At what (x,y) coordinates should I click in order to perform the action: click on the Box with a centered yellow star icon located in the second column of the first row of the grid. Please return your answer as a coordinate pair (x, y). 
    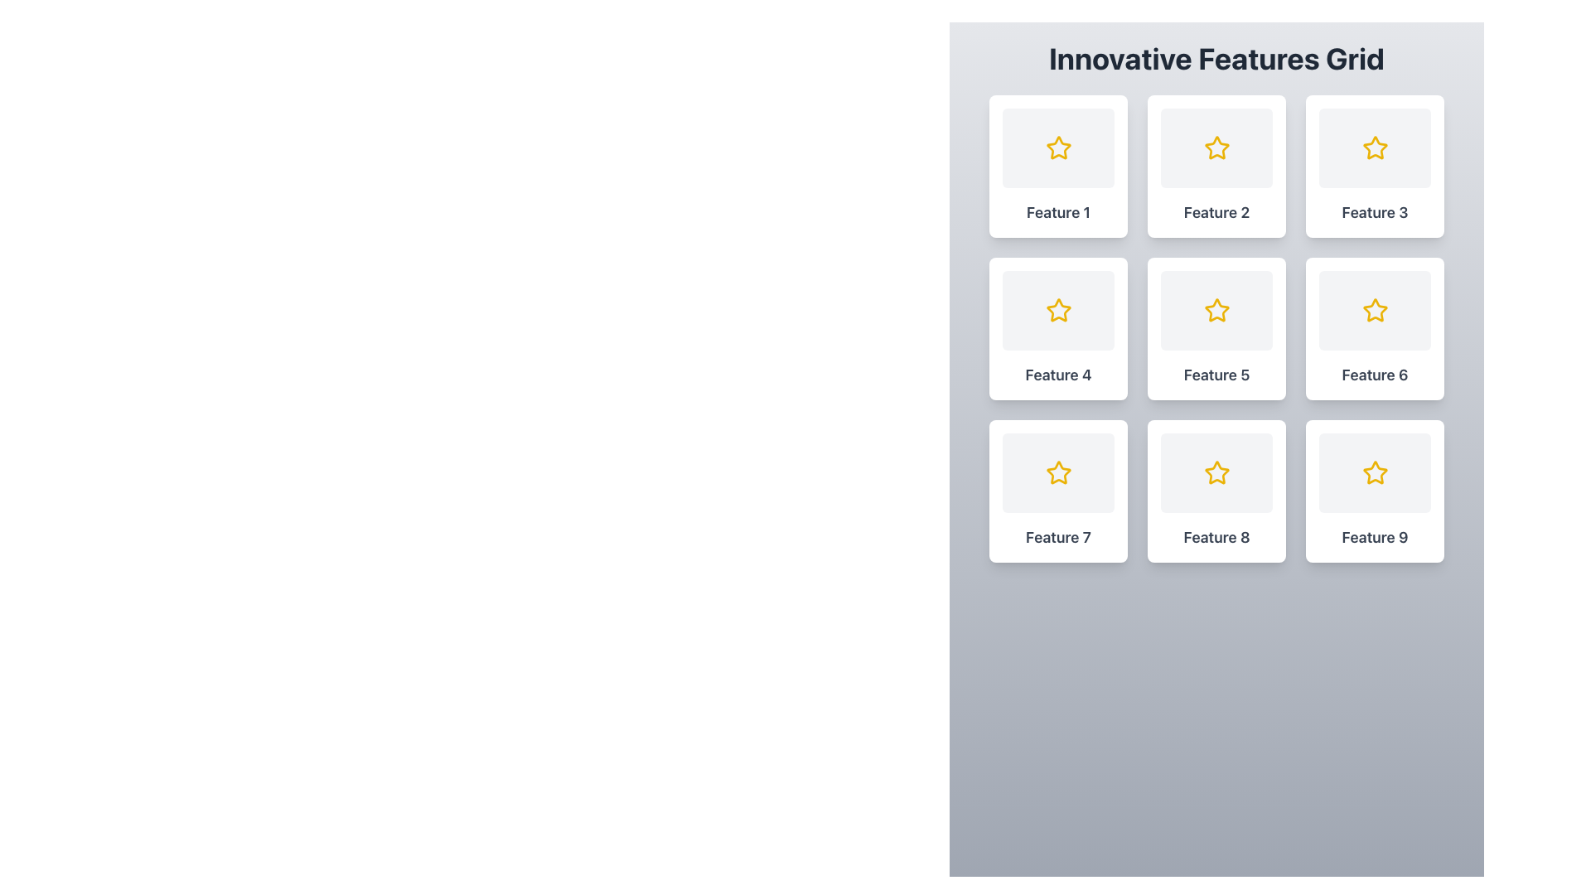
    Looking at the image, I should click on (1216, 147).